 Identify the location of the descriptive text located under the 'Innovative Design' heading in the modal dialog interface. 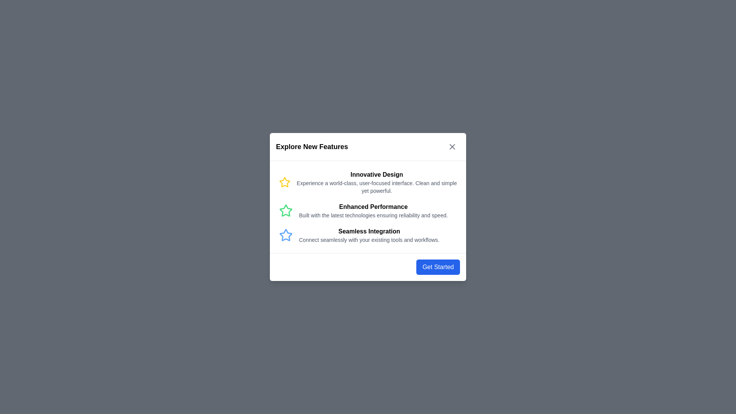
(377, 187).